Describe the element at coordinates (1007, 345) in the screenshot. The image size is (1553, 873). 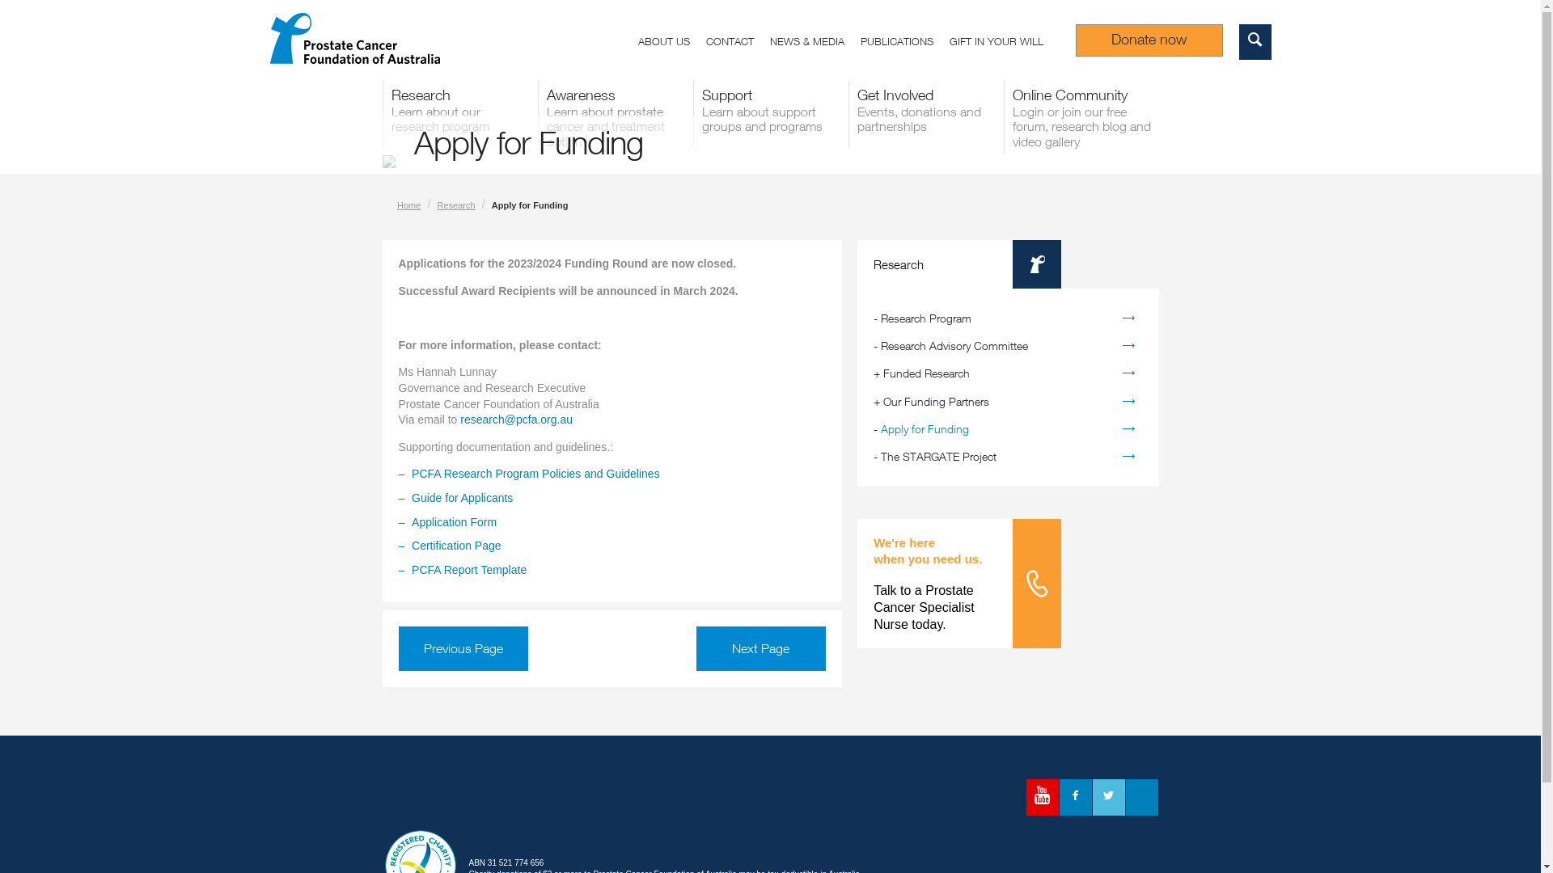
I see `'- Research Advisory Committee'` at that location.